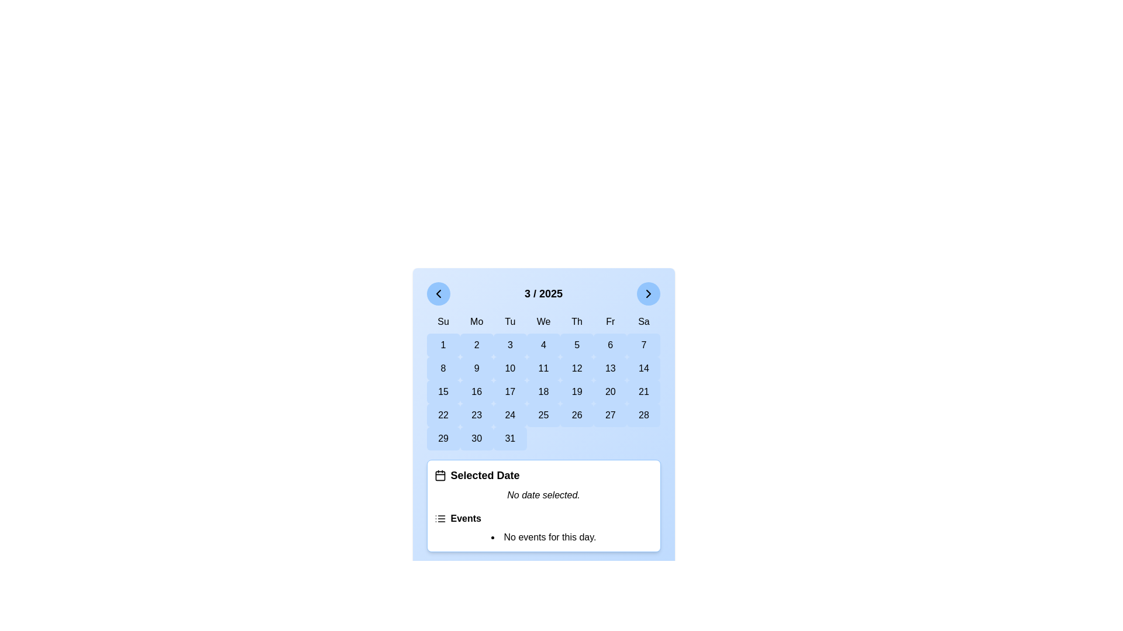 The image size is (1123, 631). I want to click on the rectangular button with rounded corners, light blue background, and the text '11' in bold black font to observe the hover effect, so click(543, 369).